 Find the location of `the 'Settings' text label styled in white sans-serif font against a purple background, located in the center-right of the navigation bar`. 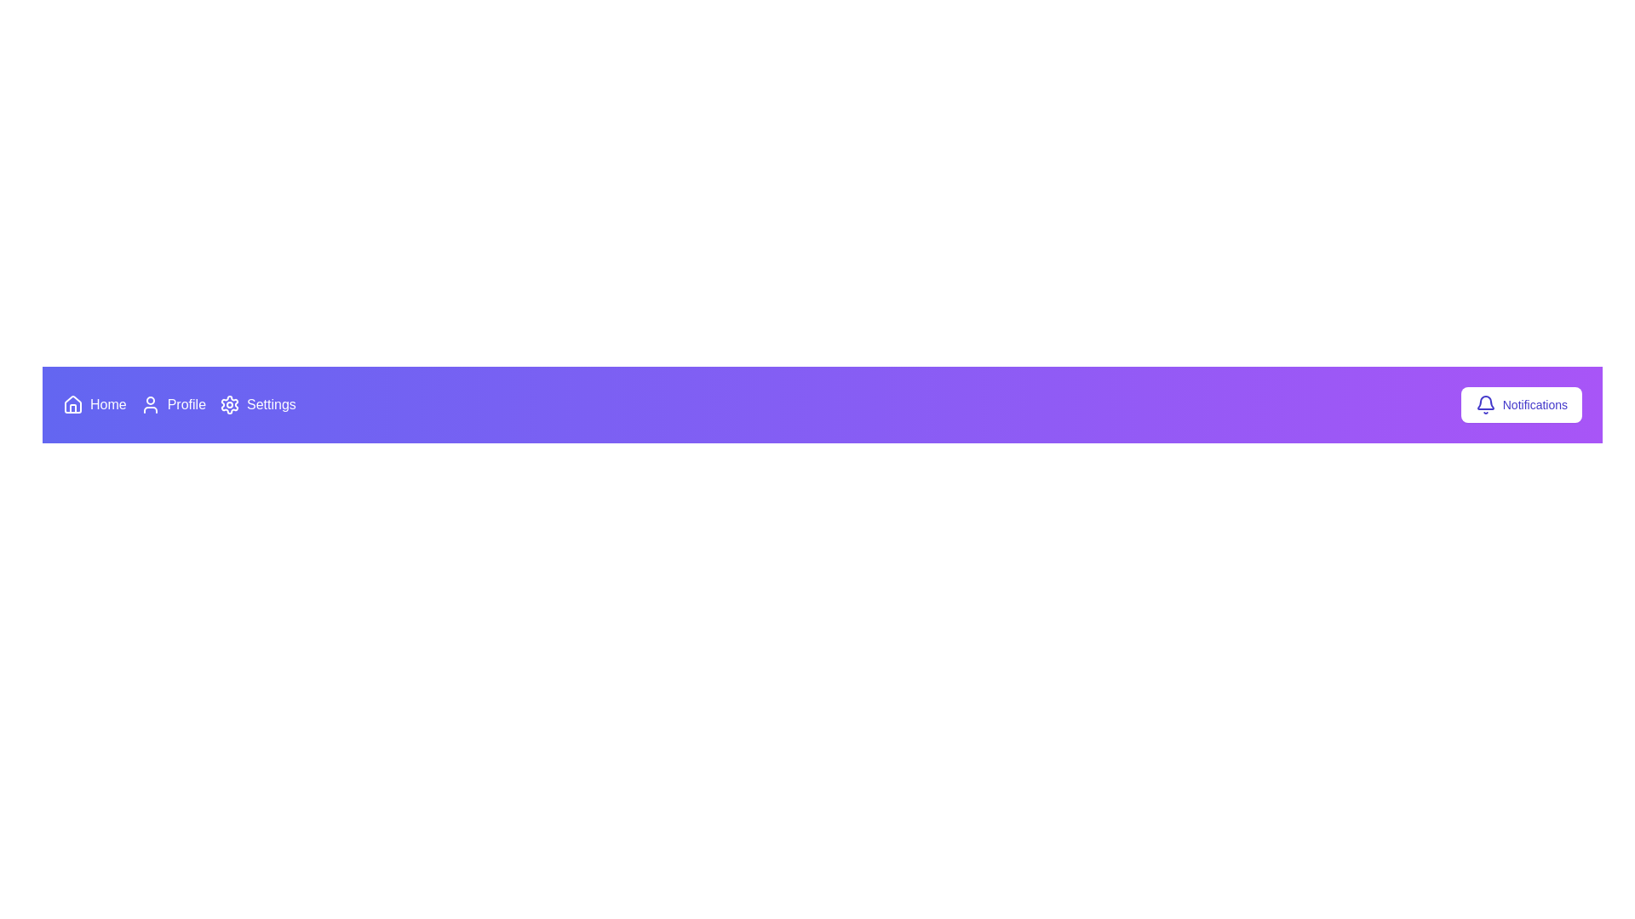

the 'Settings' text label styled in white sans-serif font against a purple background, located in the center-right of the navigation bar is located at coordinates (270, 404).